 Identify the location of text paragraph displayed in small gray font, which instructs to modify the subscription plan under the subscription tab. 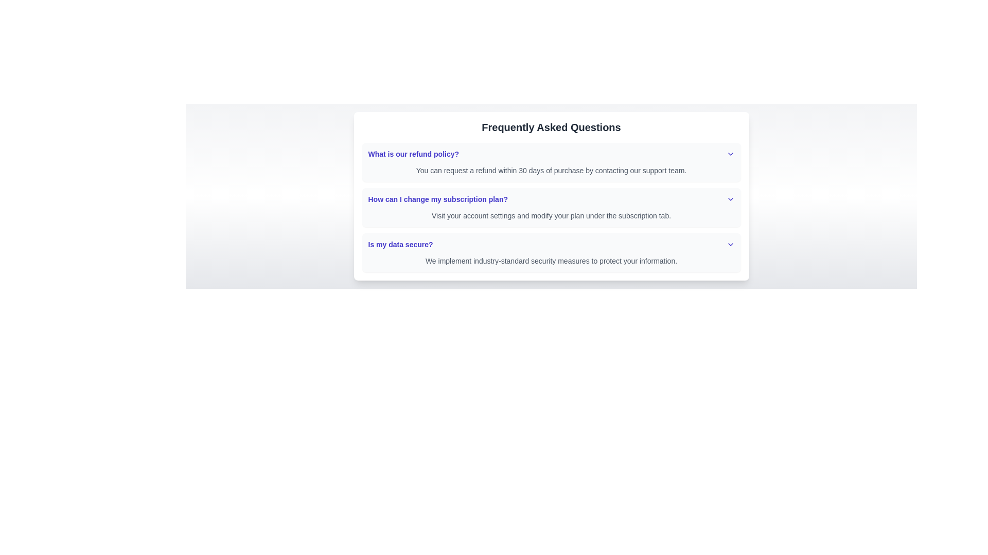
(551, 215).